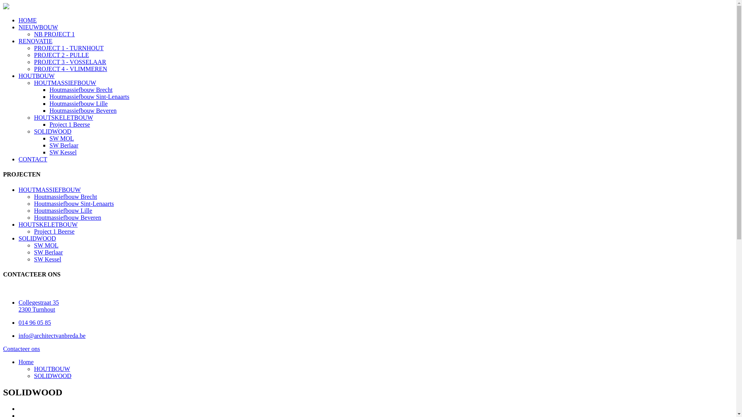  Describe the element at coordinates (19, 362) in the screenshot. I see `'Home'` at that location.